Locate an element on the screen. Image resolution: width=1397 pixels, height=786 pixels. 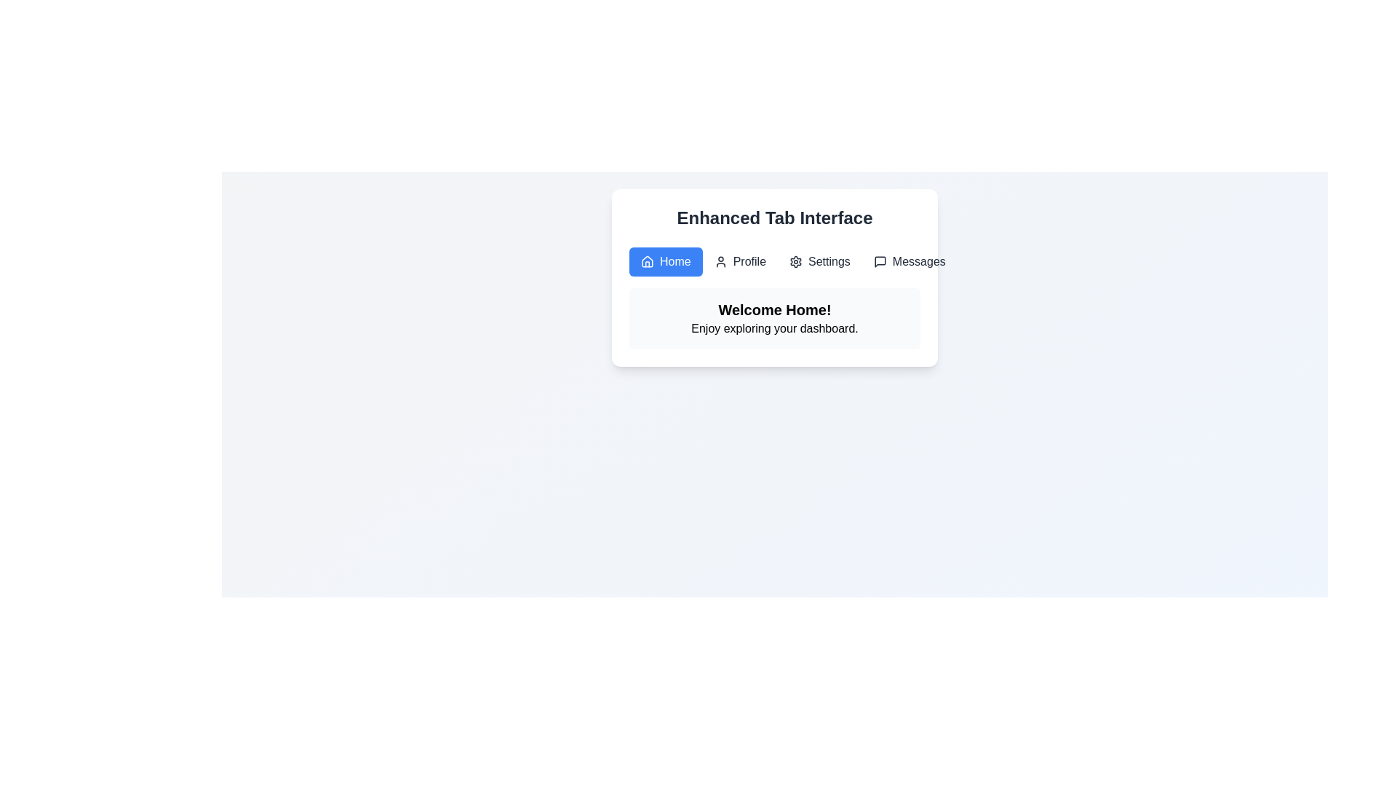
the settings icon in the navigation tab bar is located at coordinates (795, 261).